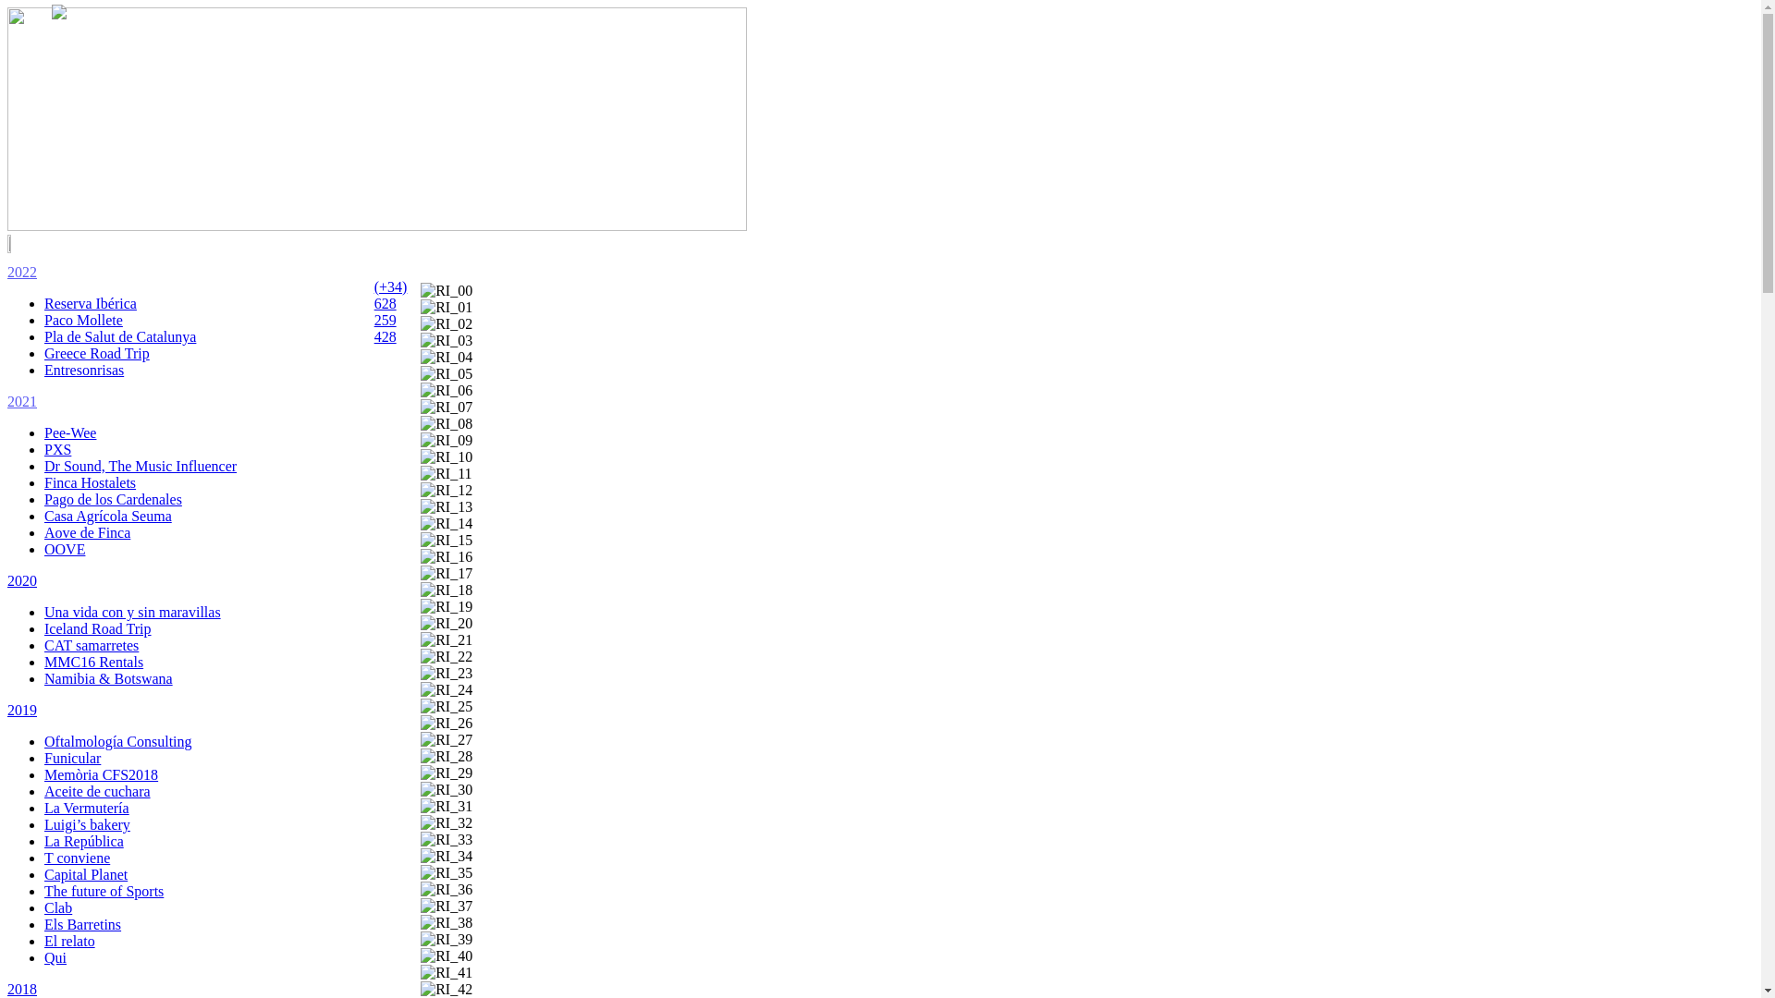 The height and width of the screenshot is (998, 1775). I want to click on 'El relato', so click(69, 941).